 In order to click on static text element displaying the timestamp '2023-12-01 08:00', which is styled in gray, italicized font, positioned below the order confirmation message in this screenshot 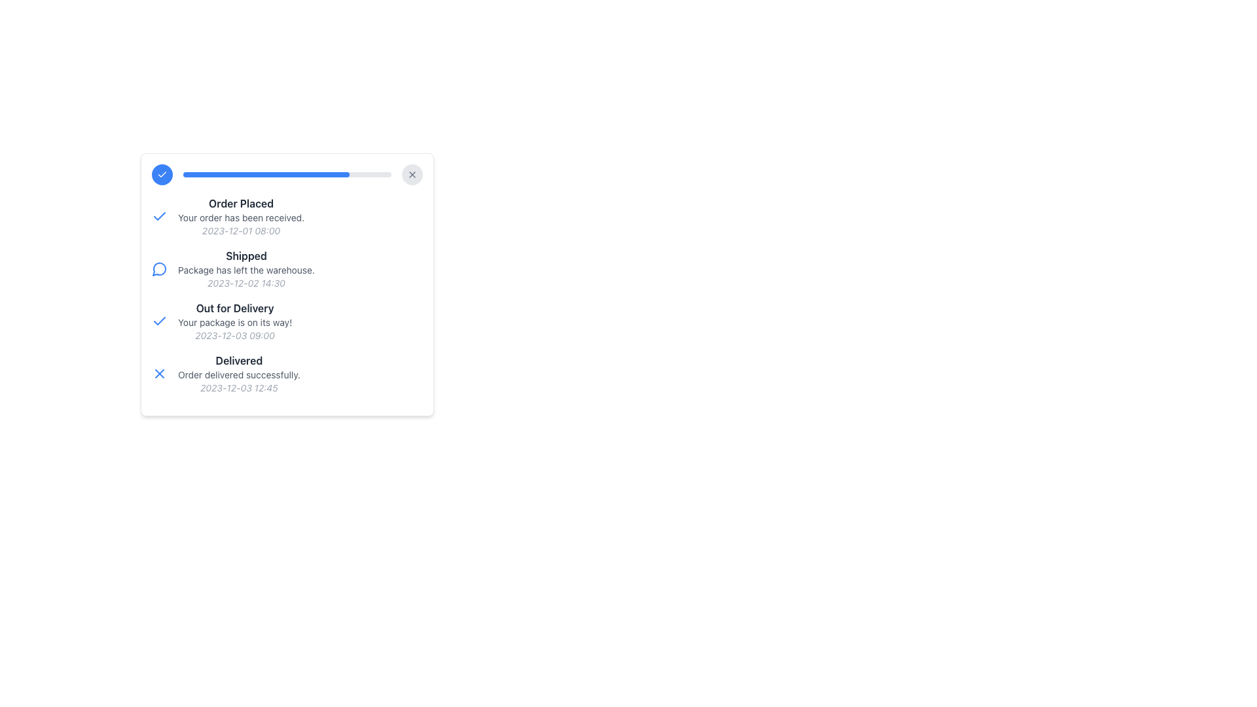, I will do `click(241, 230)`.